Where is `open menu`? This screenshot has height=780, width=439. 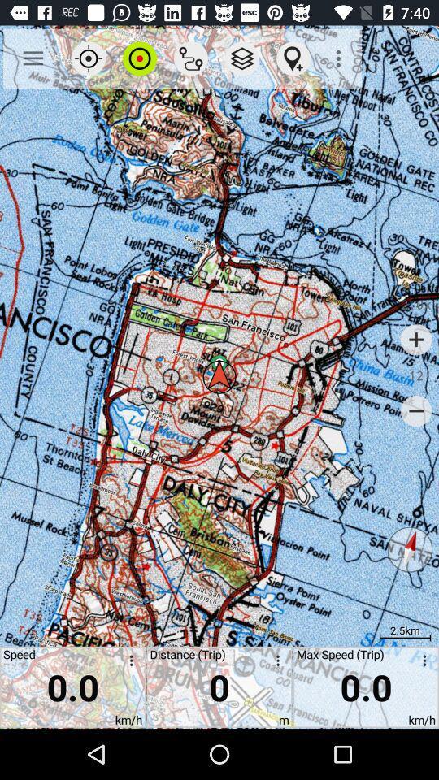 open menu is located at coordinates (421, 663).